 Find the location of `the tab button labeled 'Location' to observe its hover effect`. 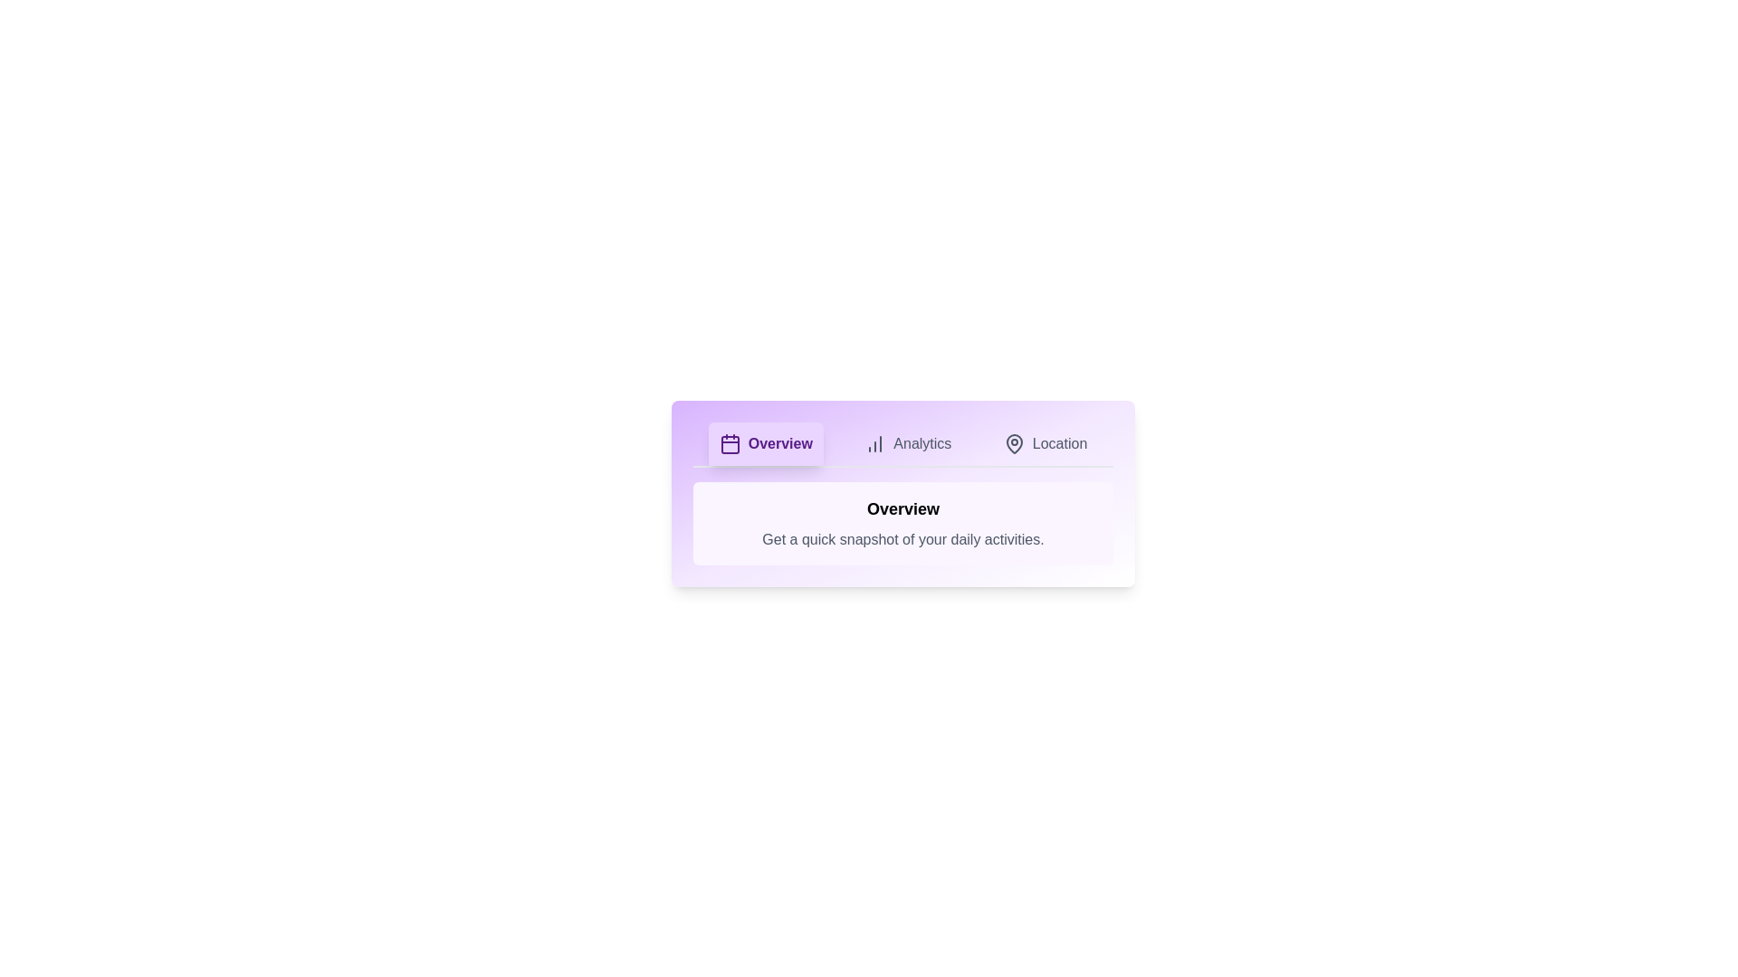

the tab button labeled 'Location' to observe its hover effect is located at coordinates (1046, 443).